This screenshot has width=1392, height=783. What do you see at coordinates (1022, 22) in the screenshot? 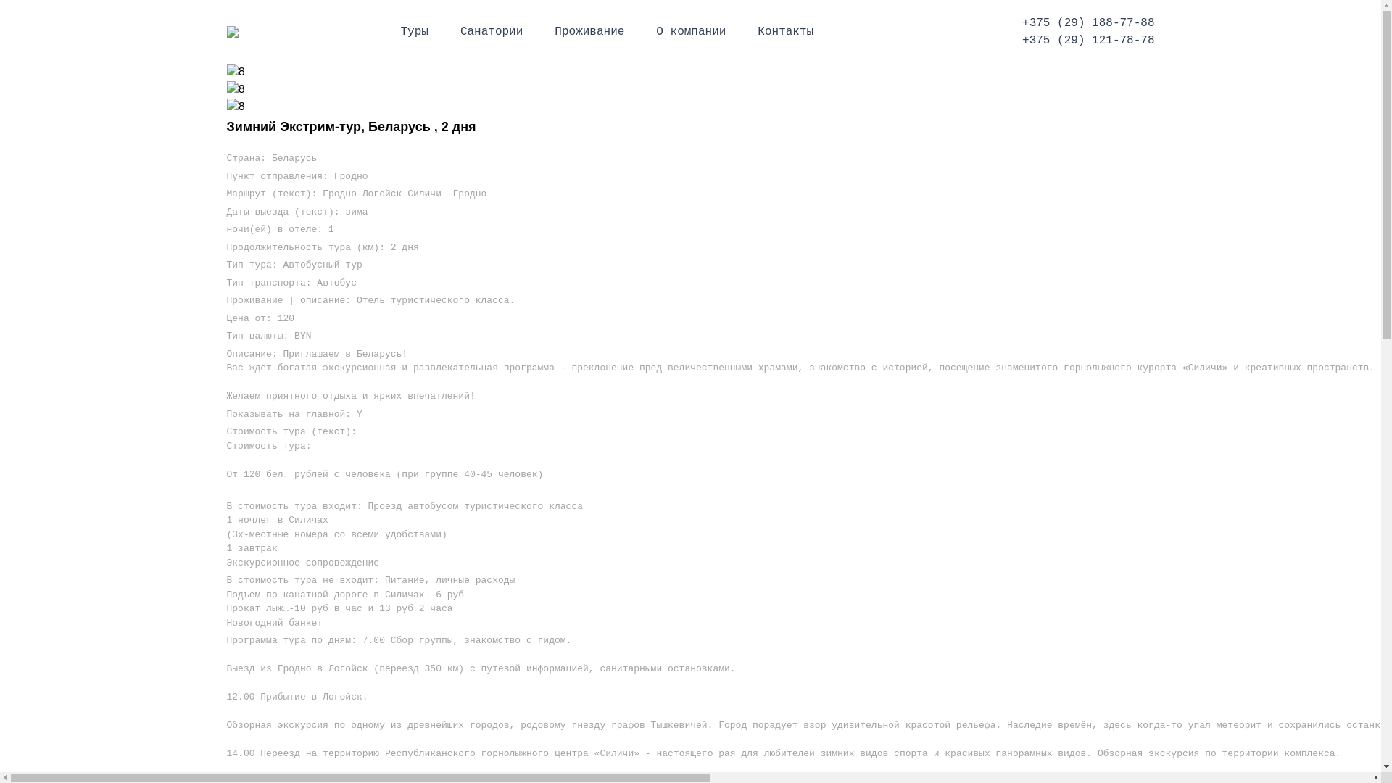
I see `'+375 (29) 188-77-88'` at bounding box center [1022, 22].